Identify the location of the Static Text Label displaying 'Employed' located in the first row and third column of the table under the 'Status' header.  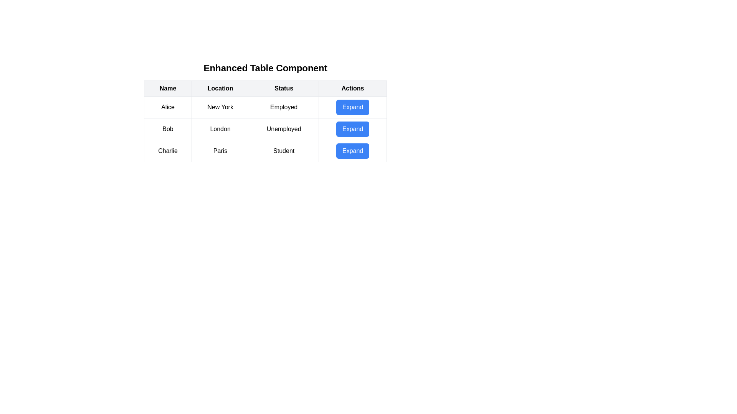
(283, 107).